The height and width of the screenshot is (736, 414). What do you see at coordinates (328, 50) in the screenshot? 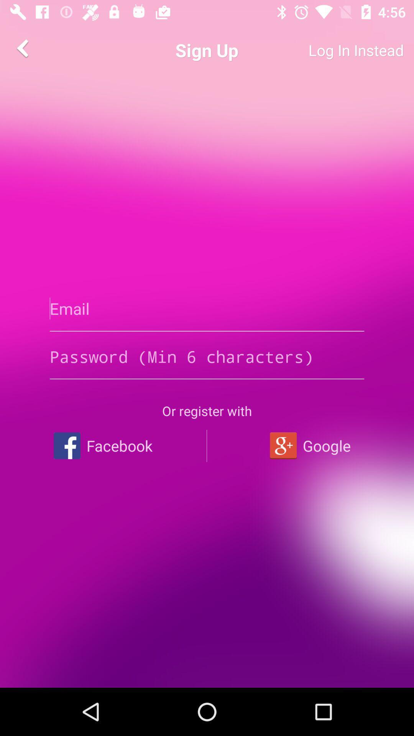
I see `the log in instead at the top right corner` at bounding box center [328, 50].